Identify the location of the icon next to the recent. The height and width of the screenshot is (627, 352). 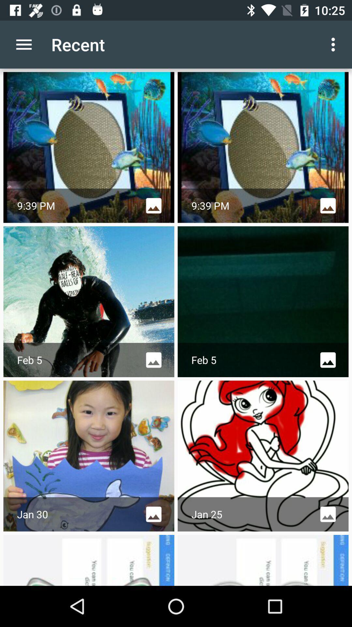
(23, 44).